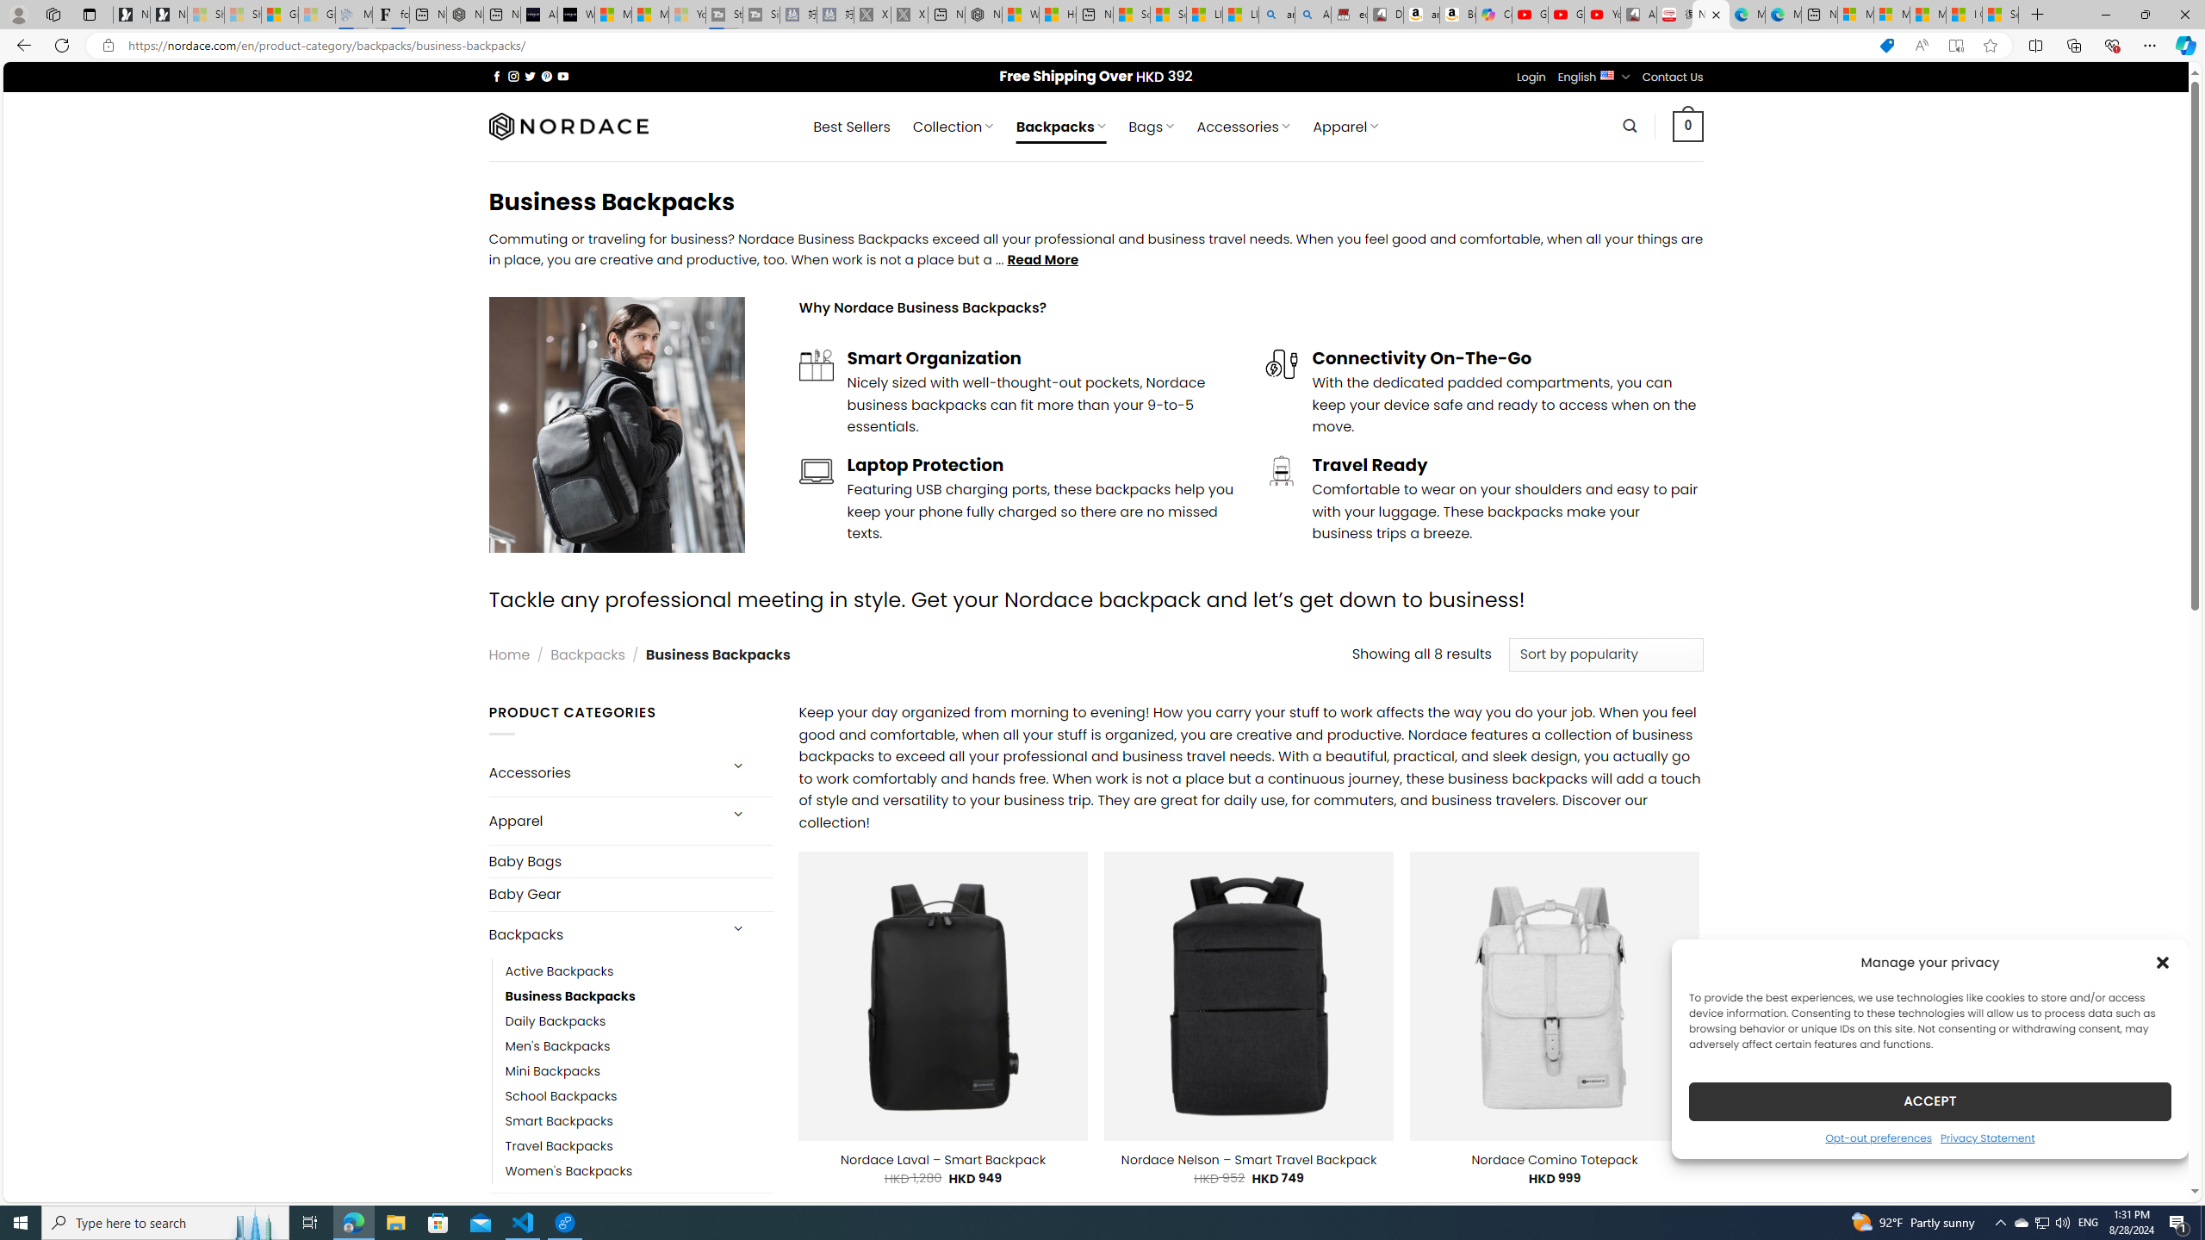  I want to click on 'Women', so click(568, 1170).